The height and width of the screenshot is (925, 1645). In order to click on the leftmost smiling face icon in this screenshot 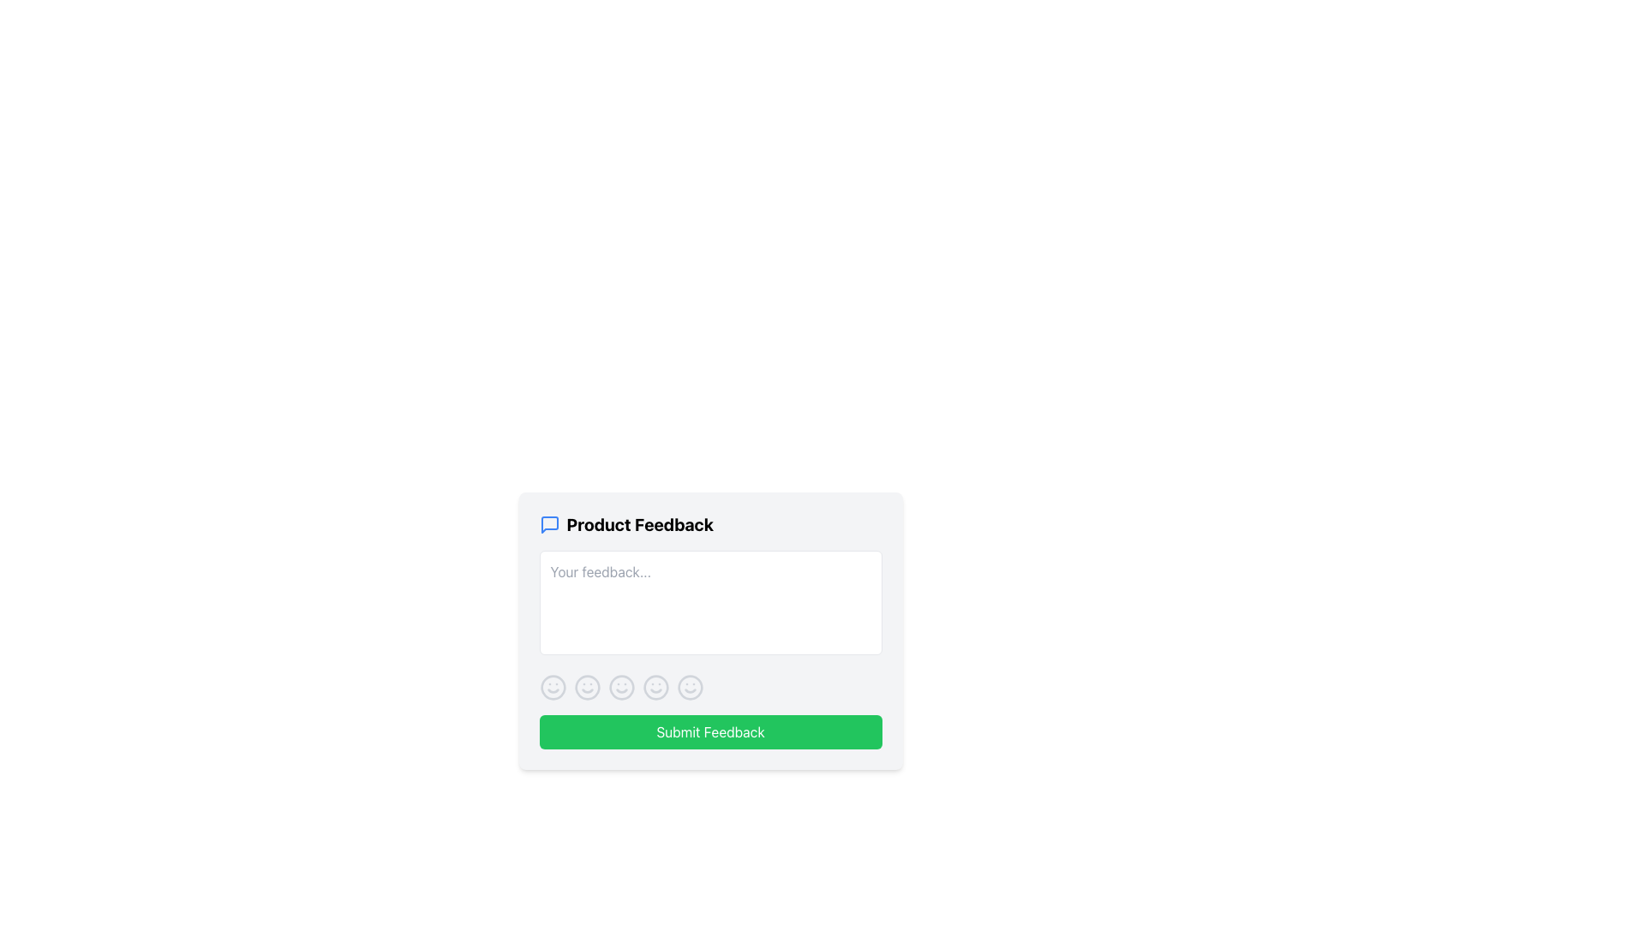, I will do `click(553, 686)`.